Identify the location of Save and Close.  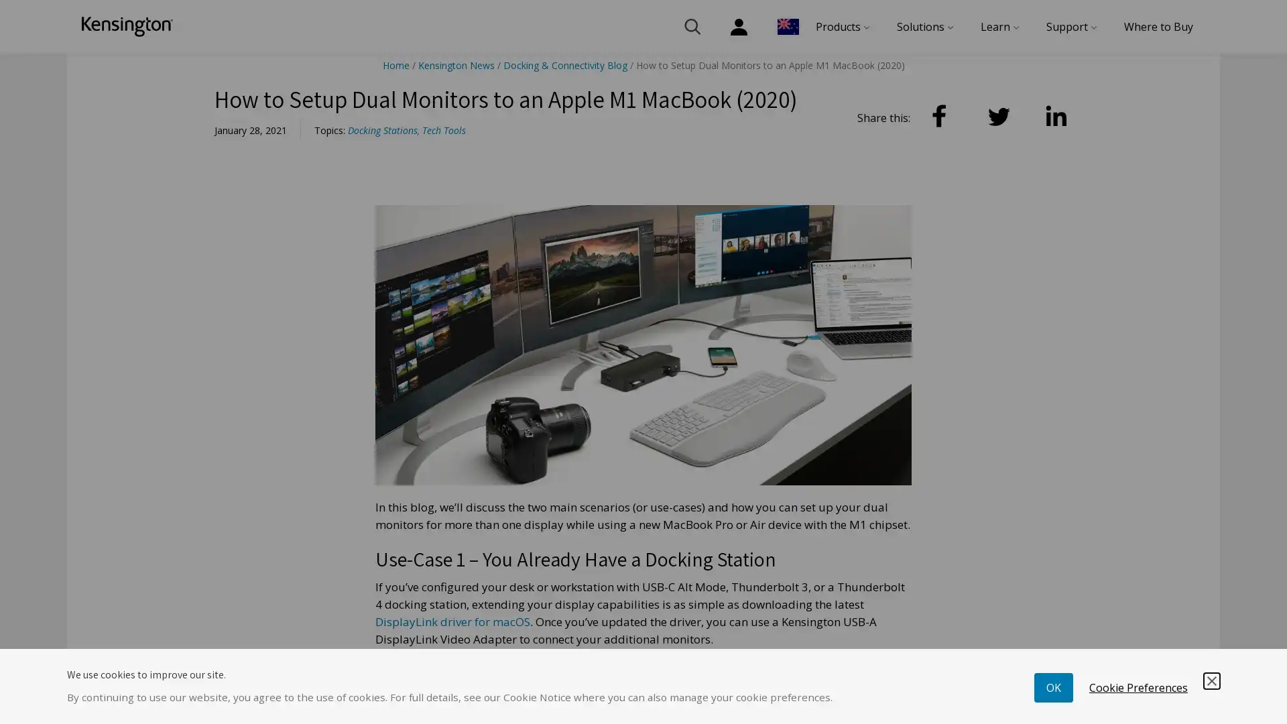
(1212, 680).